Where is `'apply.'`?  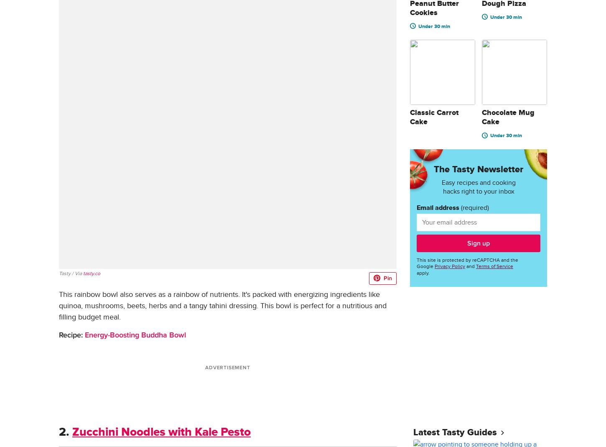
'apply.' is located at coordinates (417, 272).